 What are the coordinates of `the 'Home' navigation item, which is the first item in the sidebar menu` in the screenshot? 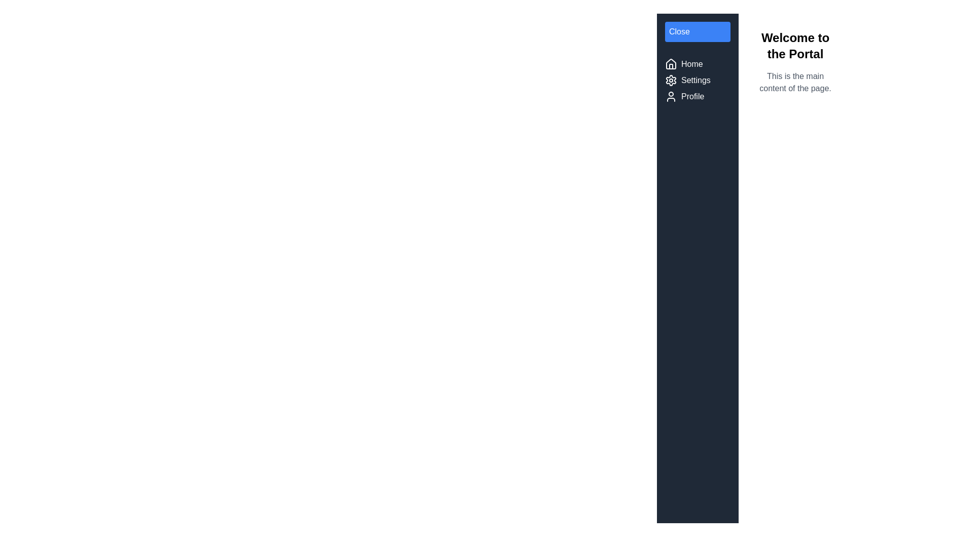 It's located at (697, 64).